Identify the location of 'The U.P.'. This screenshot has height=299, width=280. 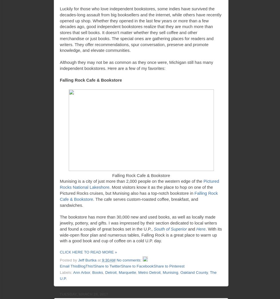
(138, 275).